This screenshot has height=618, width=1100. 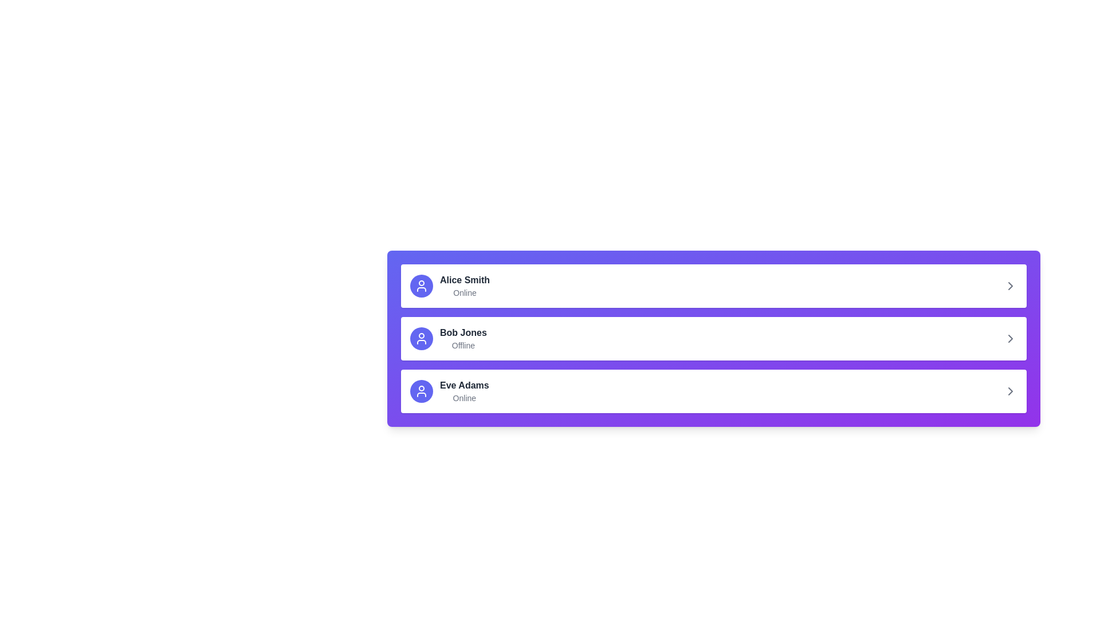 I want to click on the first user profile summary list item with avatar and text, so click(x=449, y=286).